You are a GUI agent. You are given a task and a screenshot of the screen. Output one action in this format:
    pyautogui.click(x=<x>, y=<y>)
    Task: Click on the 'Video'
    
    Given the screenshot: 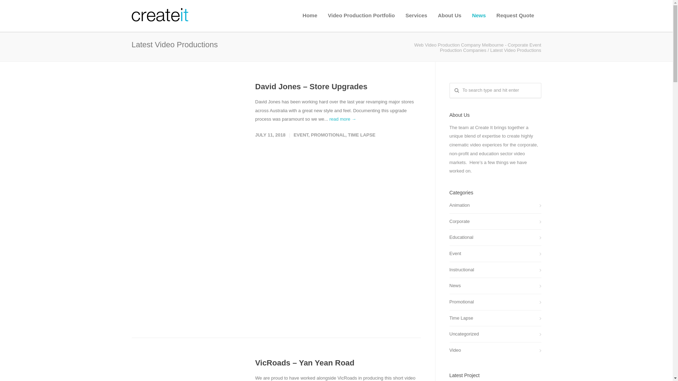 What is the action you would take?
    pyautogui.click(x=494, y=350)
    